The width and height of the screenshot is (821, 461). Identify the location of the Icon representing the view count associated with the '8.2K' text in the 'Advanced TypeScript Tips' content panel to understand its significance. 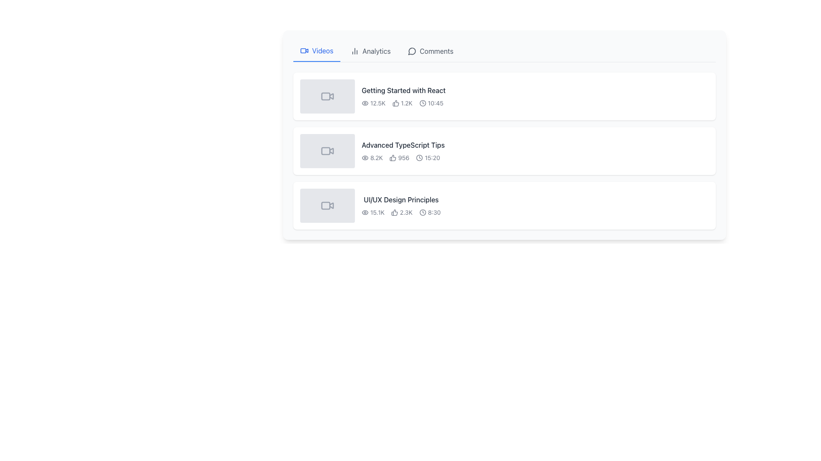
(365, 158).